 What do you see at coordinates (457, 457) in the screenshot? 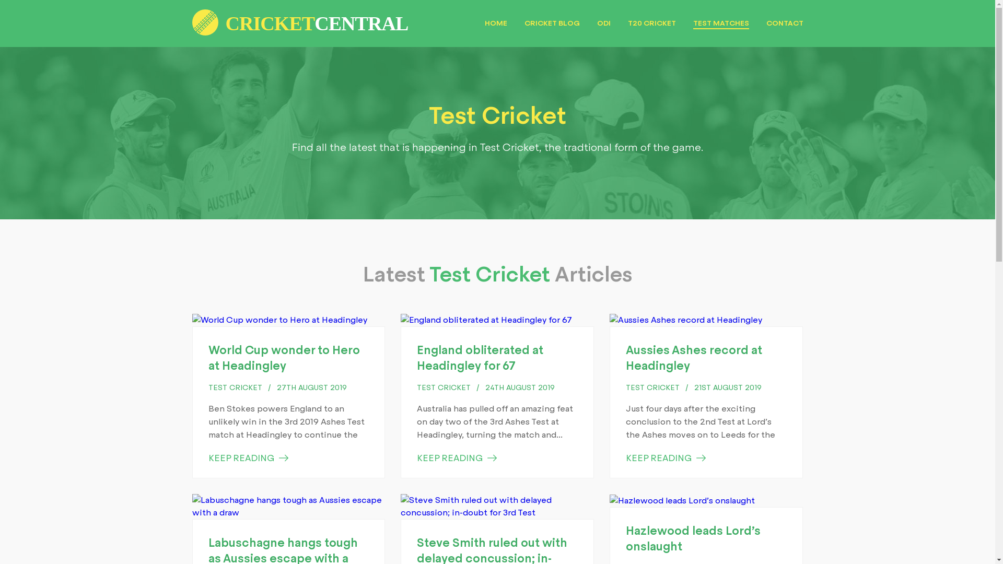
I see `'KEEP READING'` at bounding box center [457, 457].